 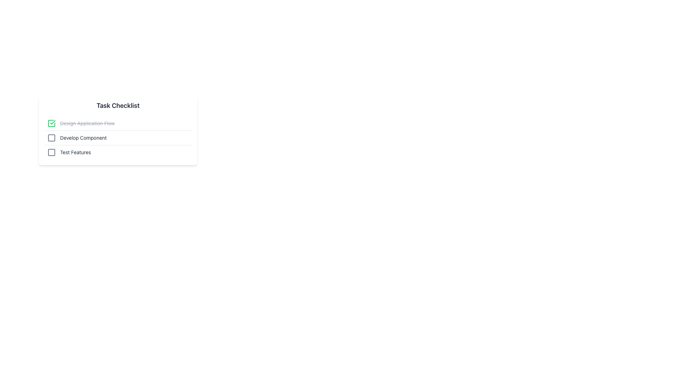 What do you see at coordinates (118, 152) in the screenshot?
I see `the 'Test Features' checkbox list item` at bounding box center [118, 152].